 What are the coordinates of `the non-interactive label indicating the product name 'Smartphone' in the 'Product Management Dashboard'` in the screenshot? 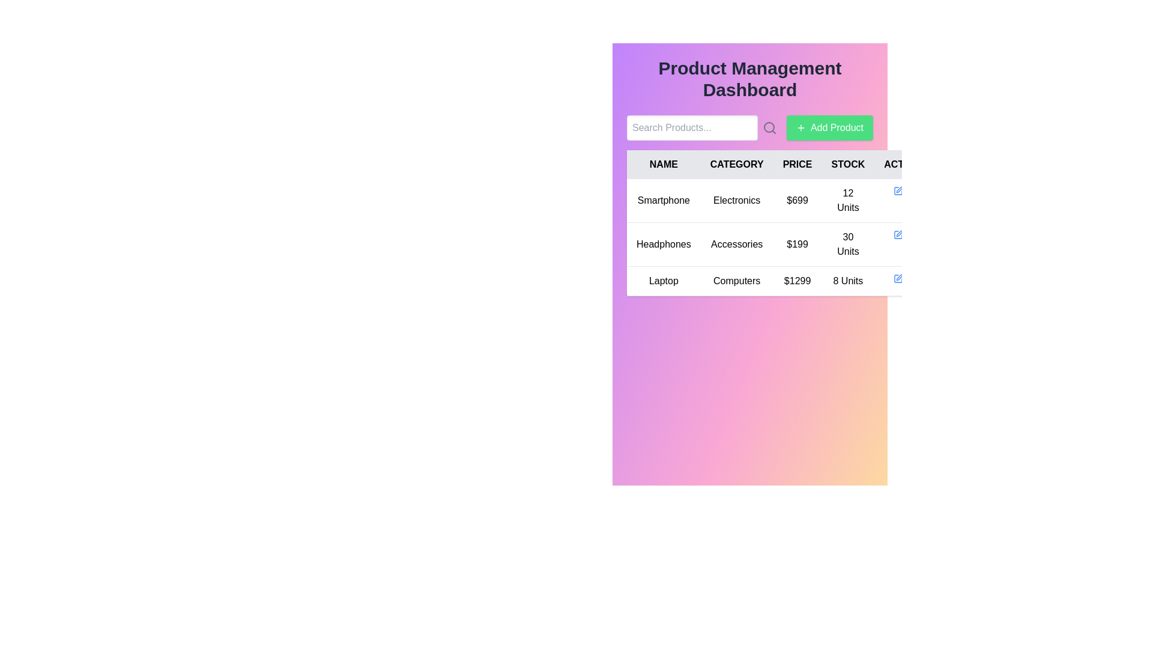 It's located at (663, 200).